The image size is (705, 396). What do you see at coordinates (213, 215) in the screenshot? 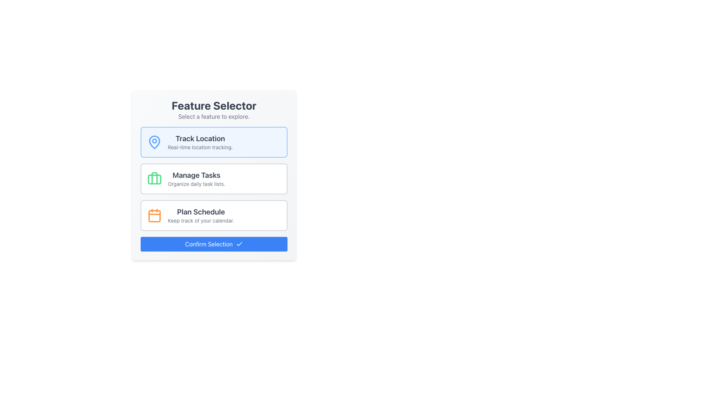
I see `the third selectable list item for scheduling features located in the bottom section of the list` at bounding box center [213, 215].